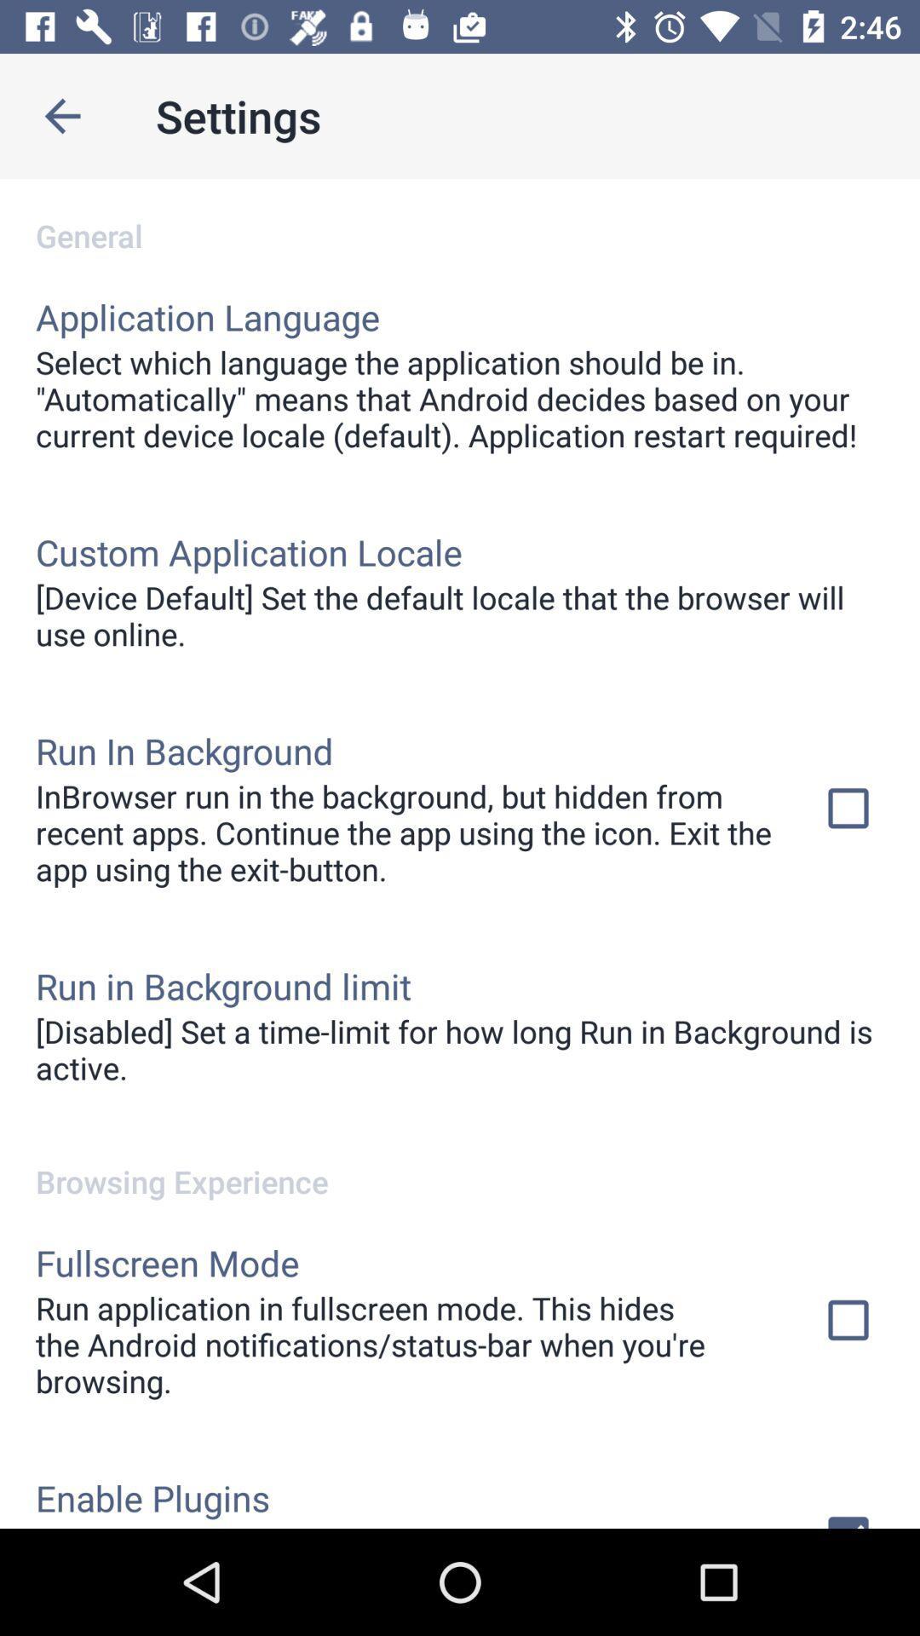 The image size is (920, 1636). What do you see at coordinates (460, 216) in the screenshot?
I see `the general` at bounding box center [460, 216].